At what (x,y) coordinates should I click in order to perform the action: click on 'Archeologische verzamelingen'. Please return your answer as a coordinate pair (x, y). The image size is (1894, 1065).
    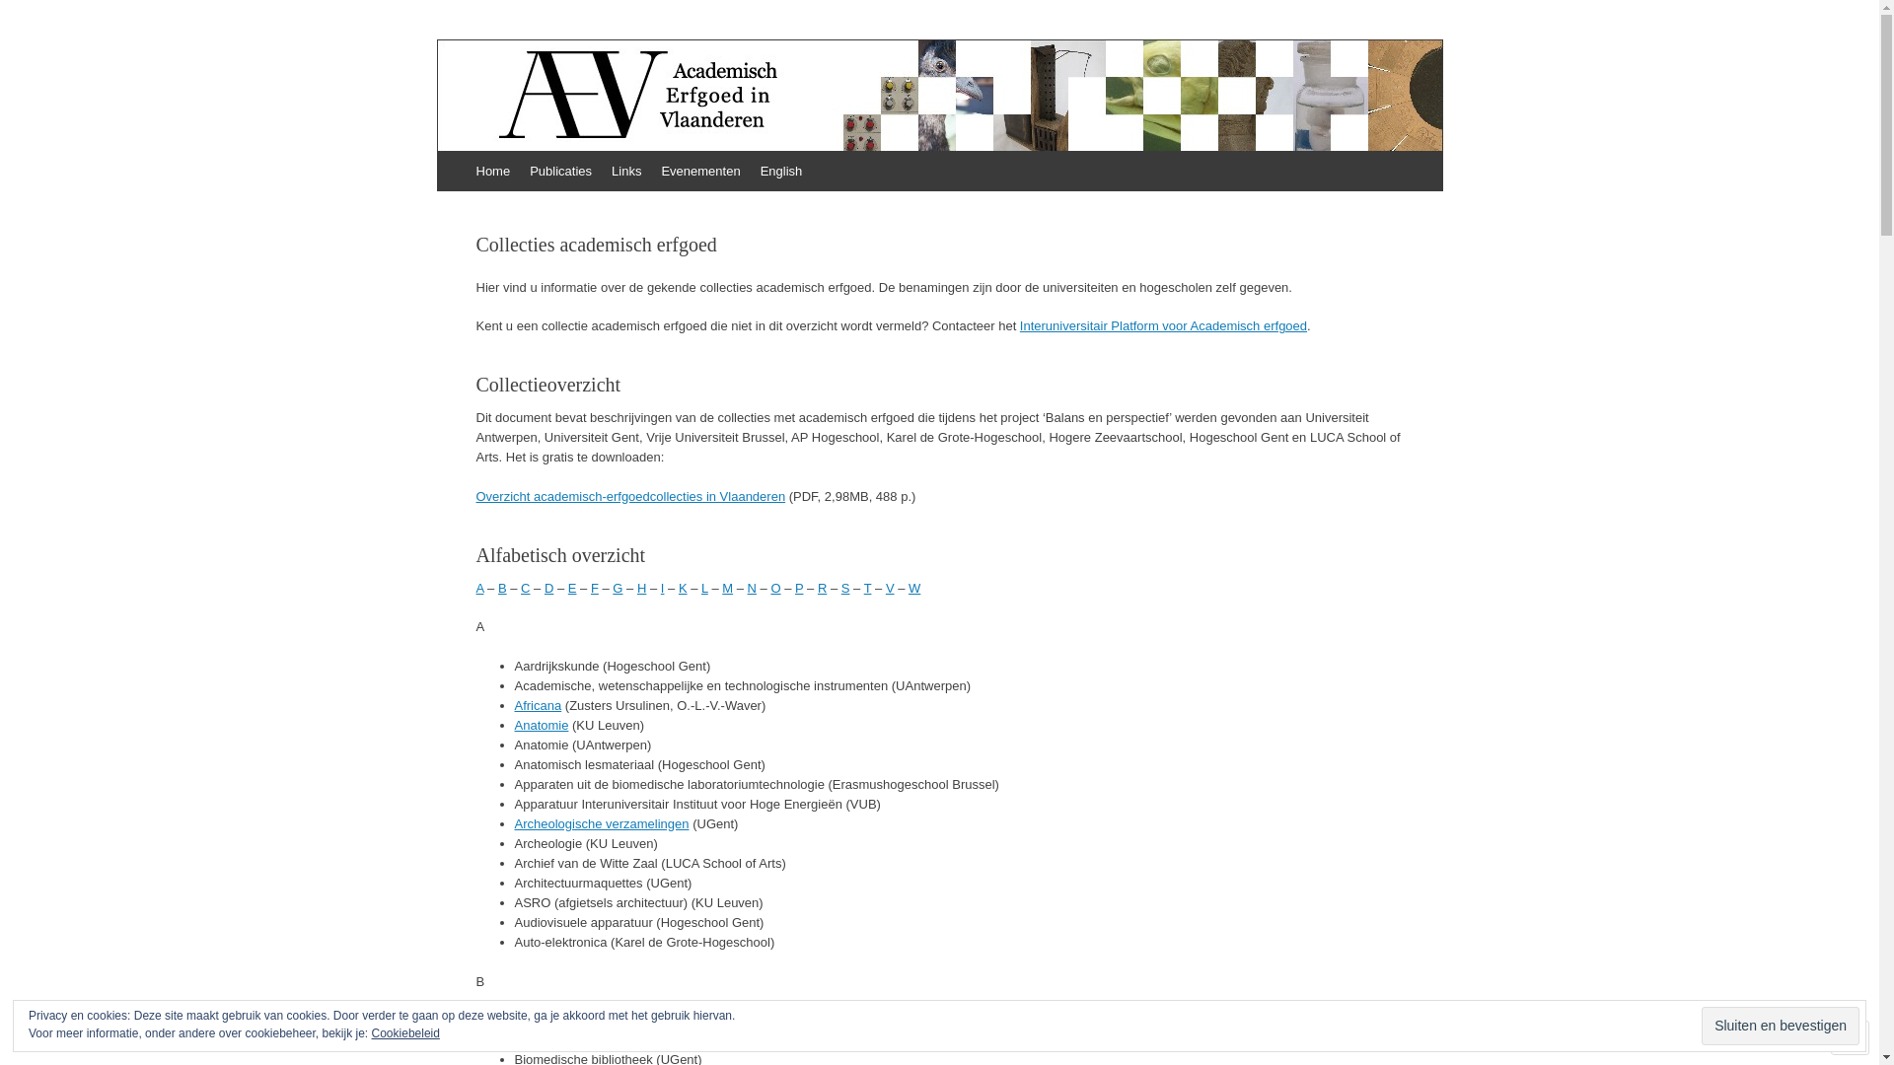
    Looking at the image, I should click on (601, 823).